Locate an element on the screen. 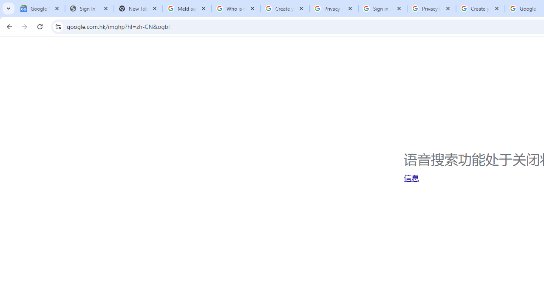  'Sign in - Google Accounts' is located at coordinates (382, 8).